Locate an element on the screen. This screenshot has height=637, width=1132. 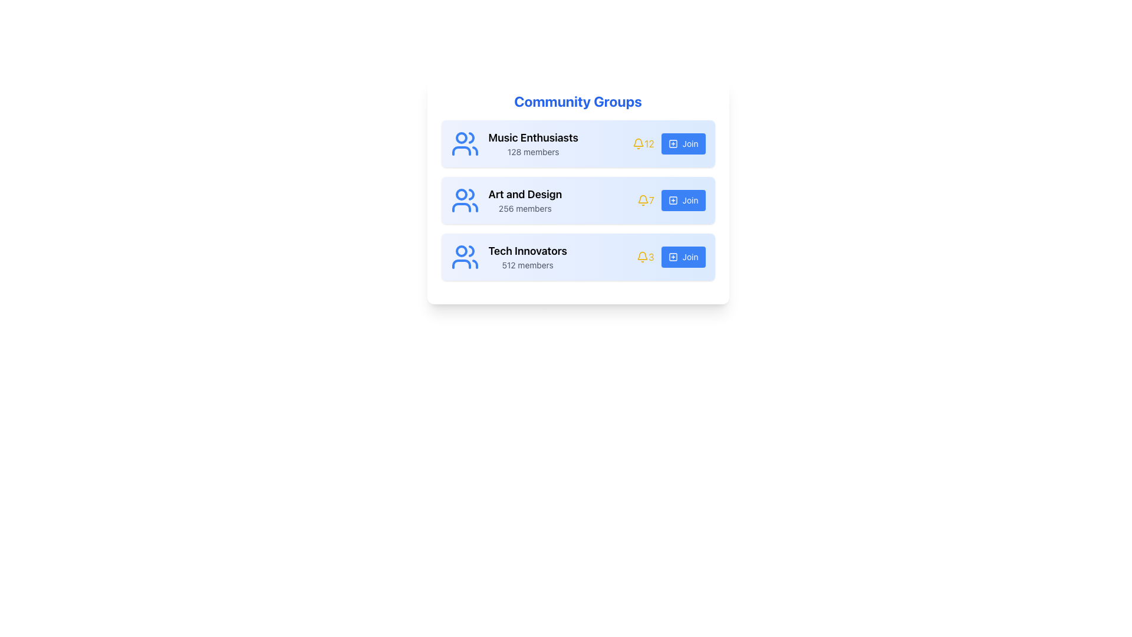
the yellow notification bell icon displaying the number '12' in the 'Music Enthusiasts' group section, which is located between the group name and the blue 'Join' button is located at coordinates (642, 143).